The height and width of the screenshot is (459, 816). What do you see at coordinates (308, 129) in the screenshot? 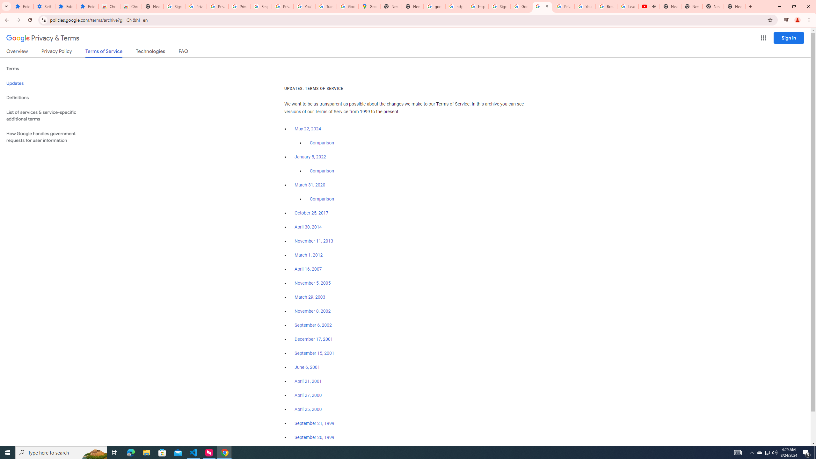
I see `'May 22, 2024'` at bounding box center [308, 129].